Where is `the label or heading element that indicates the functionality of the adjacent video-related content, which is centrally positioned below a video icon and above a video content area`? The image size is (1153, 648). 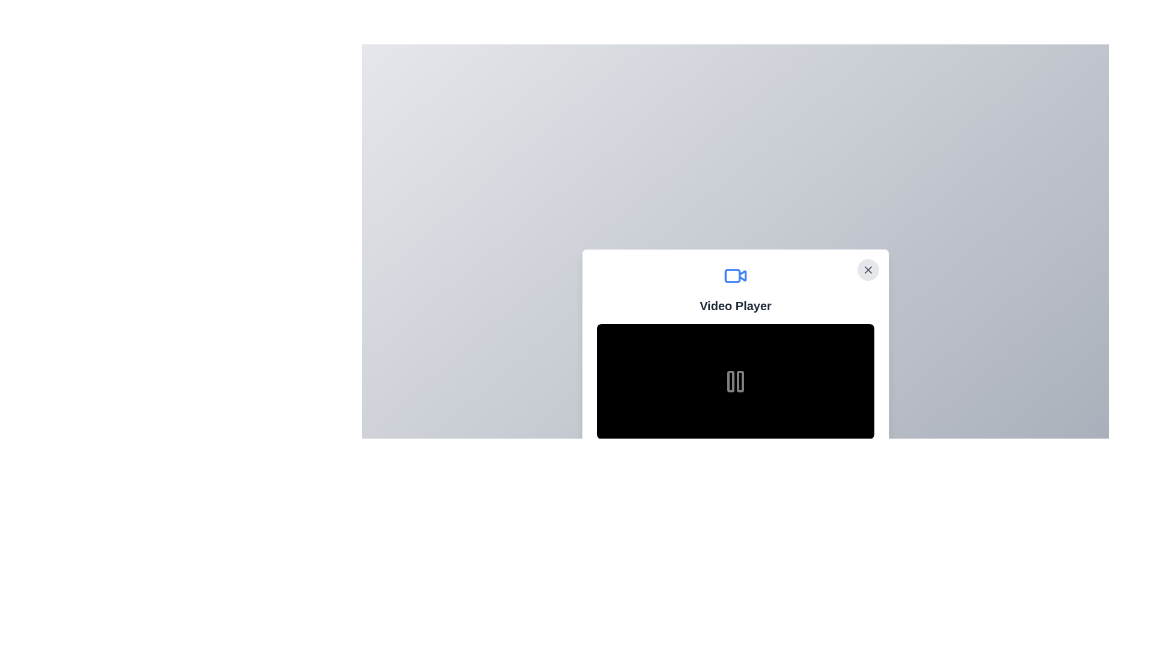
the label or heading element that indicates the functionality of the adjacent video-related content, which is centrally positioned below a video icon and above a video content area is located at coordinates (734, 305).